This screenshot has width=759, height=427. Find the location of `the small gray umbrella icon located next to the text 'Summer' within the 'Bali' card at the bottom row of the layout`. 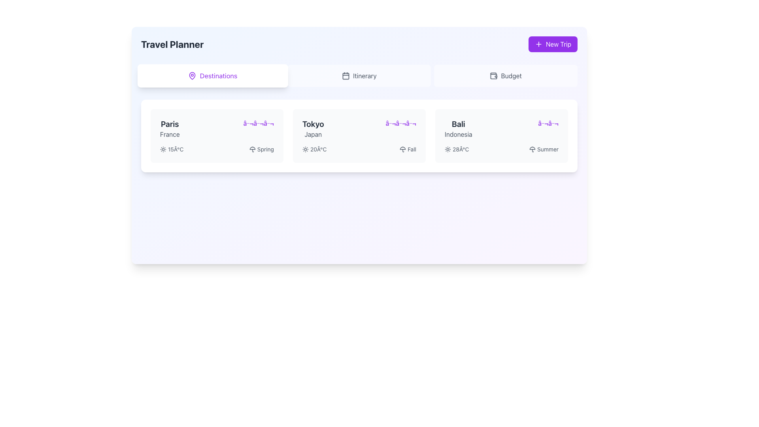

the small gray umbrella icon located next to the text 'Summer' within the 'Bali' card at the bottom row of the layout is located at coordinates (532, 149).